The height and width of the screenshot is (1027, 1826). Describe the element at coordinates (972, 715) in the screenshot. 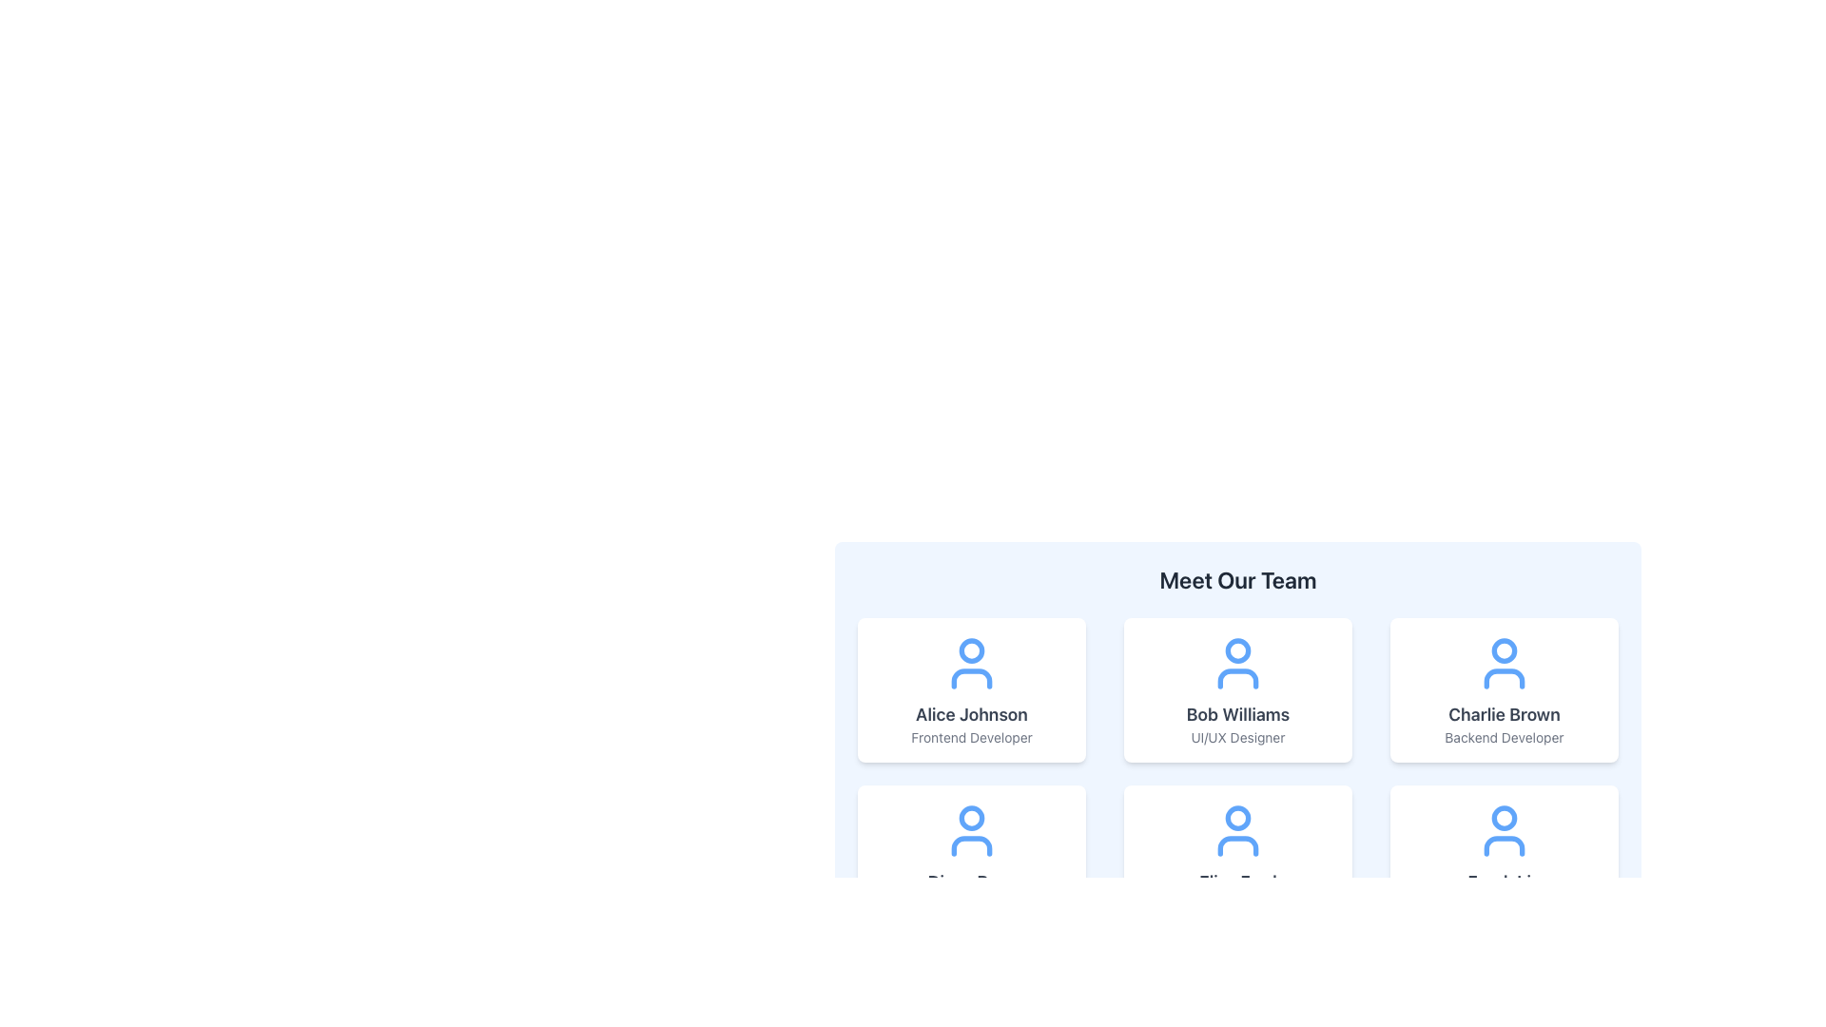

I see `the text label displaying 'Alice Johnson'` at that location.